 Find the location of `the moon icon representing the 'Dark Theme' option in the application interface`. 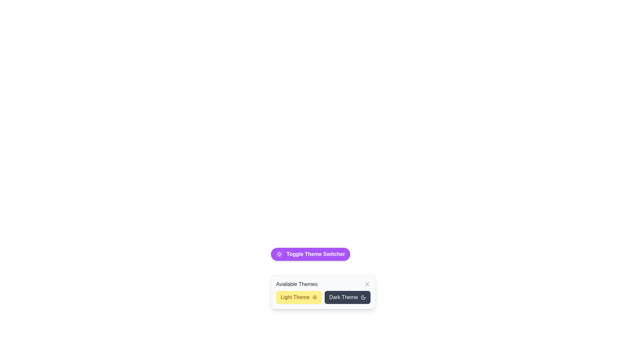

the moon icon representing the 'Dark Theme' option in the application interface is located at coordinates (363, 297).